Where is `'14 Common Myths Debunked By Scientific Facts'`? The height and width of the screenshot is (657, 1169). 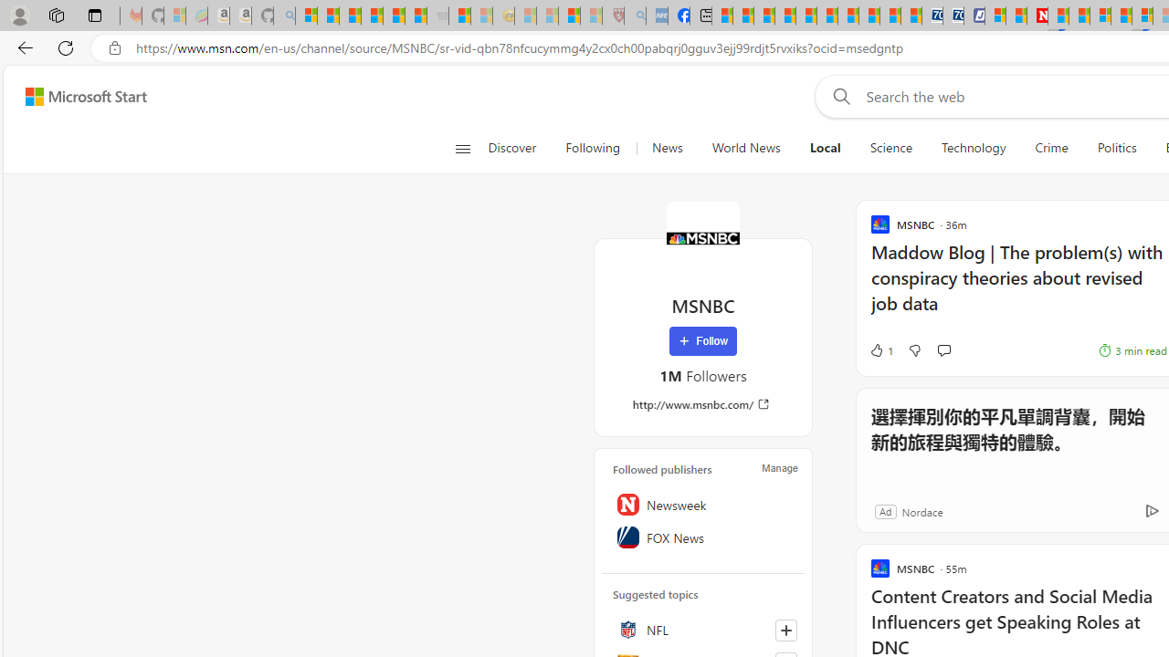
'14 Common Myths Debunked By Scientific Facts' is located at coordinates (1079, 16).